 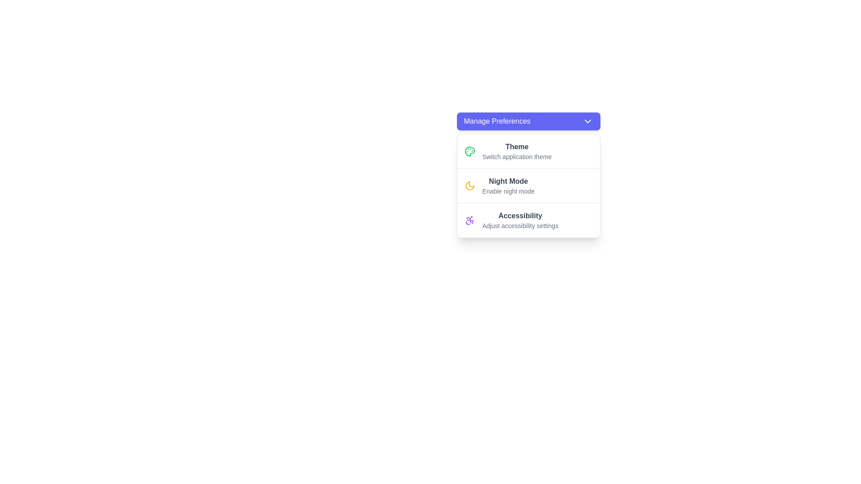 I want to click on the 'Manage Preferences' dropdown menu, so click(x=528, y=183).